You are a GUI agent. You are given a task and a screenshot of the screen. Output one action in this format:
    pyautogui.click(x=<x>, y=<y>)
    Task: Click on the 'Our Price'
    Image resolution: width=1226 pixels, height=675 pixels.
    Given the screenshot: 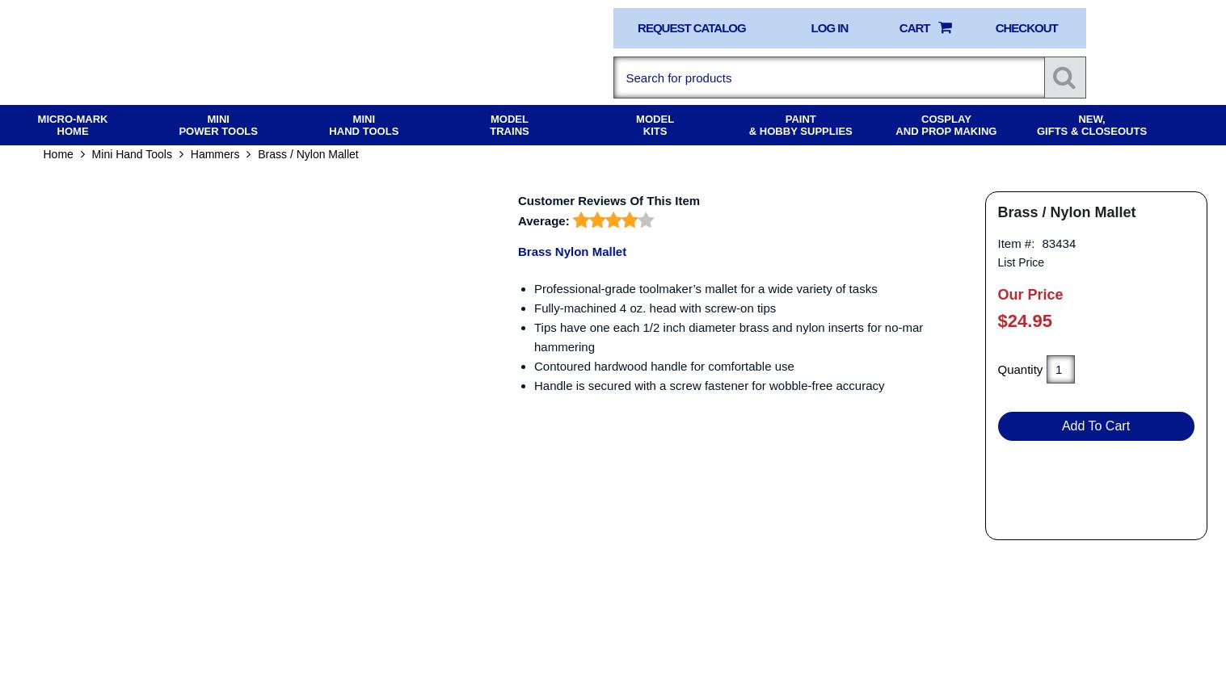 What is the action you would take?
    pyautogui.click(x=1029, y=305)
    